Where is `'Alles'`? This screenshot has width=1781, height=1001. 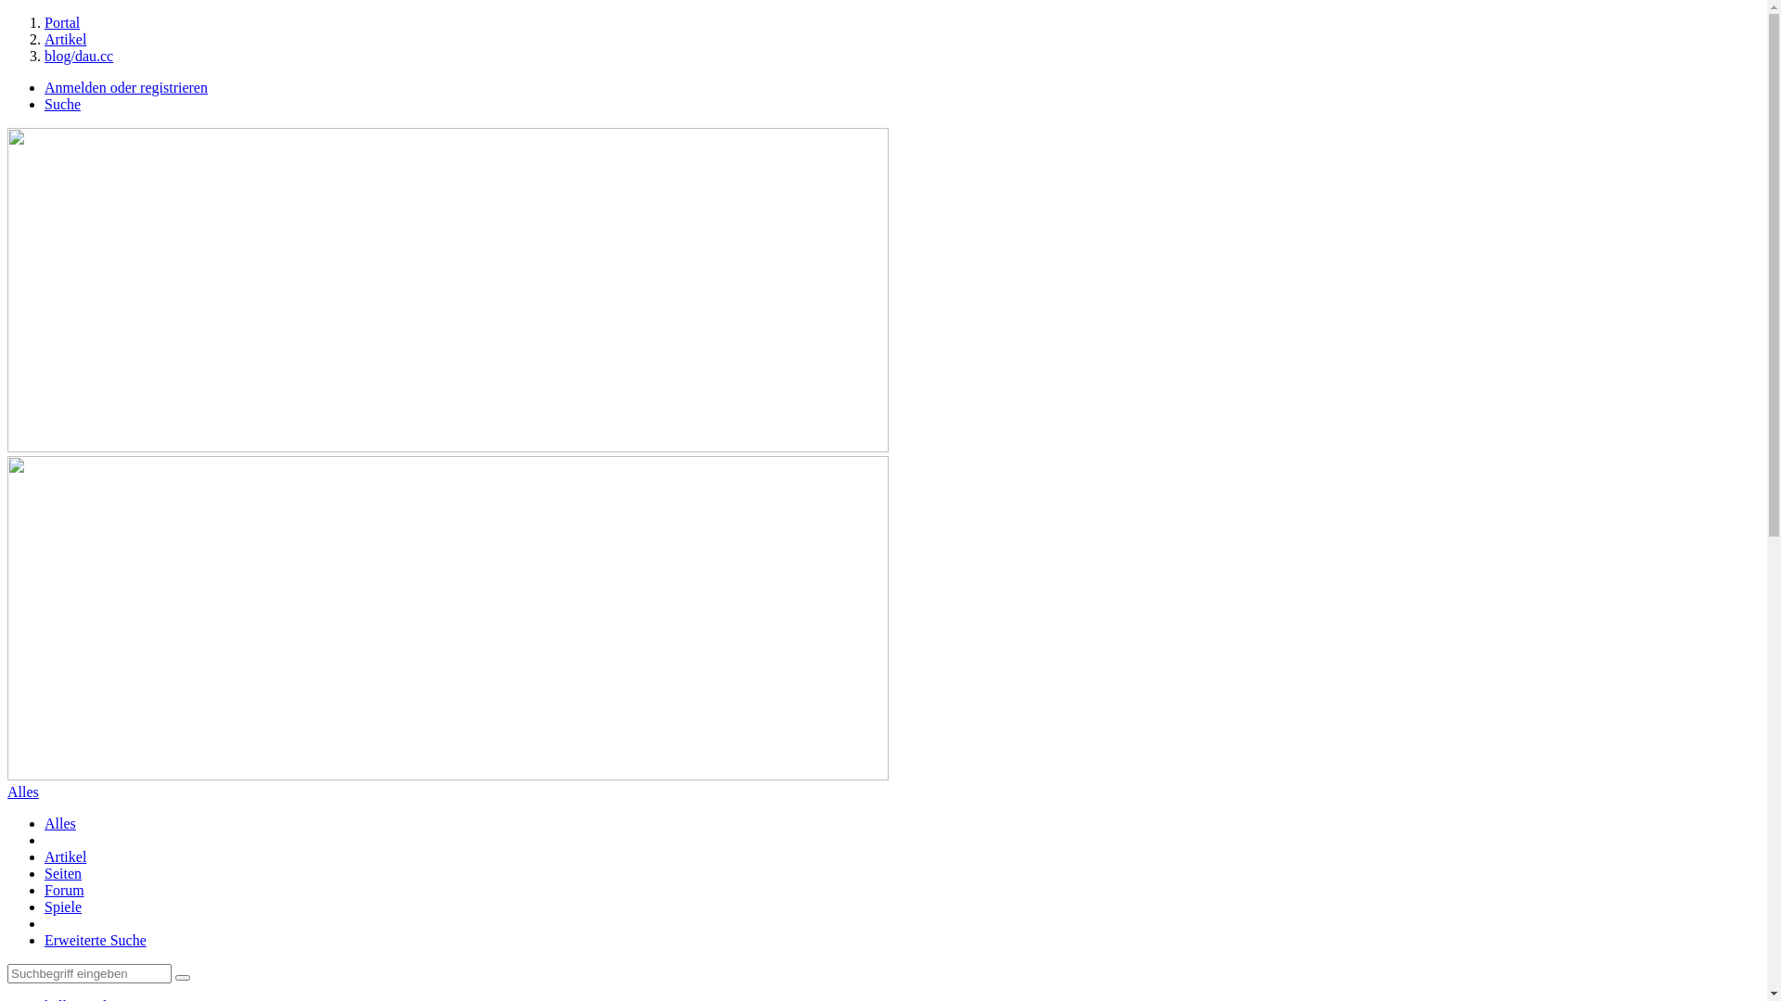 'Alles' is located at coordinates (22, 792).